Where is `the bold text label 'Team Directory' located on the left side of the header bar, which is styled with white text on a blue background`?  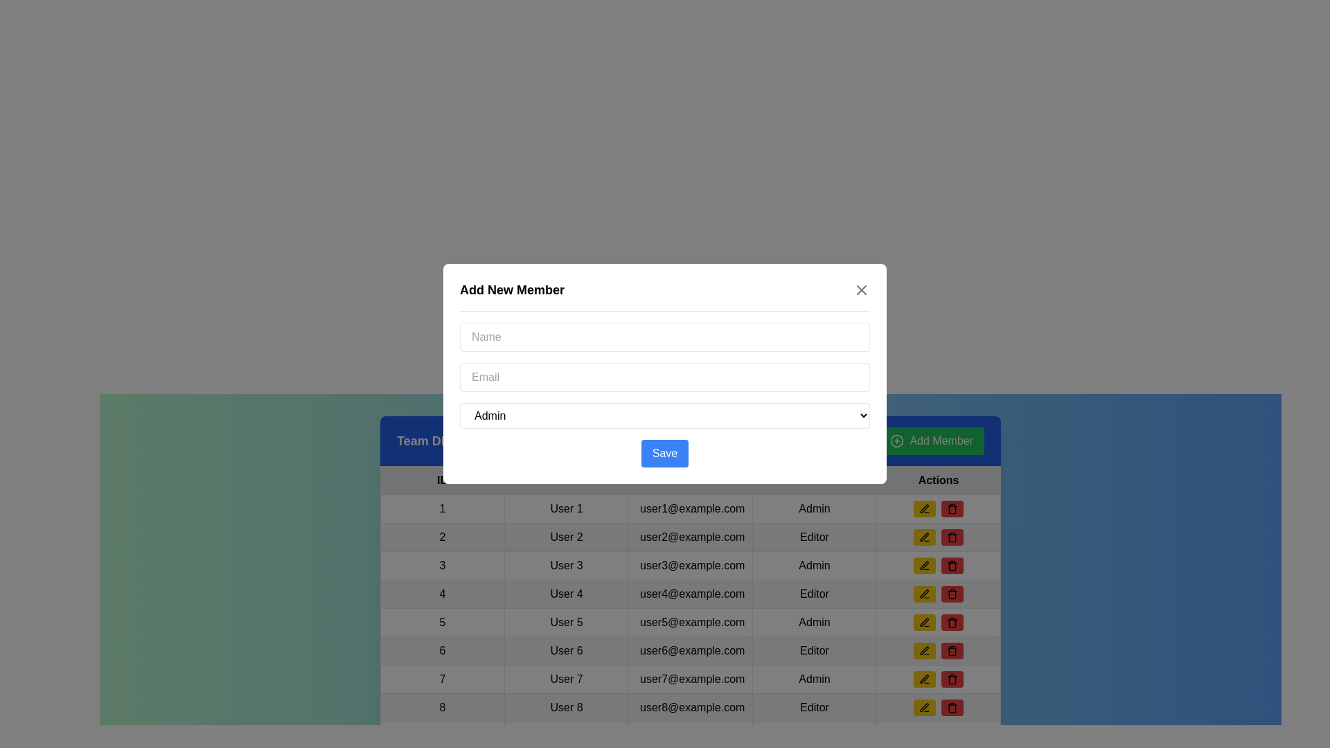 the bold text label 'Team Directory' located on the left side of the header bar, which is styled with white text on a blue background is located at coordinates (441, 440).